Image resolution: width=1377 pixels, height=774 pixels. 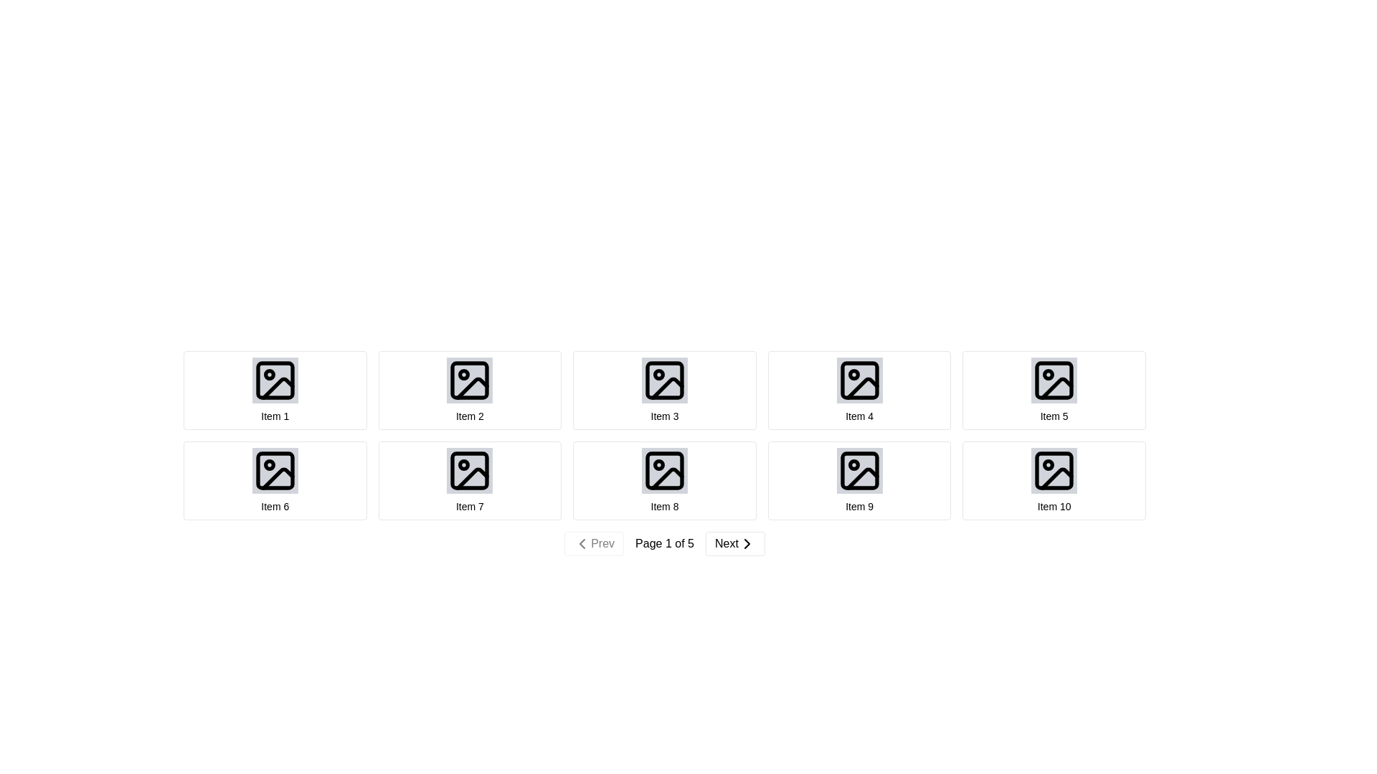 What do you see at coordinates (859, 470) in the screenshot?
I see `the decorative square element that symbolizes an image placeholder, centered within the ninth icon in a grid of icons` at bounding box center [859, 470].